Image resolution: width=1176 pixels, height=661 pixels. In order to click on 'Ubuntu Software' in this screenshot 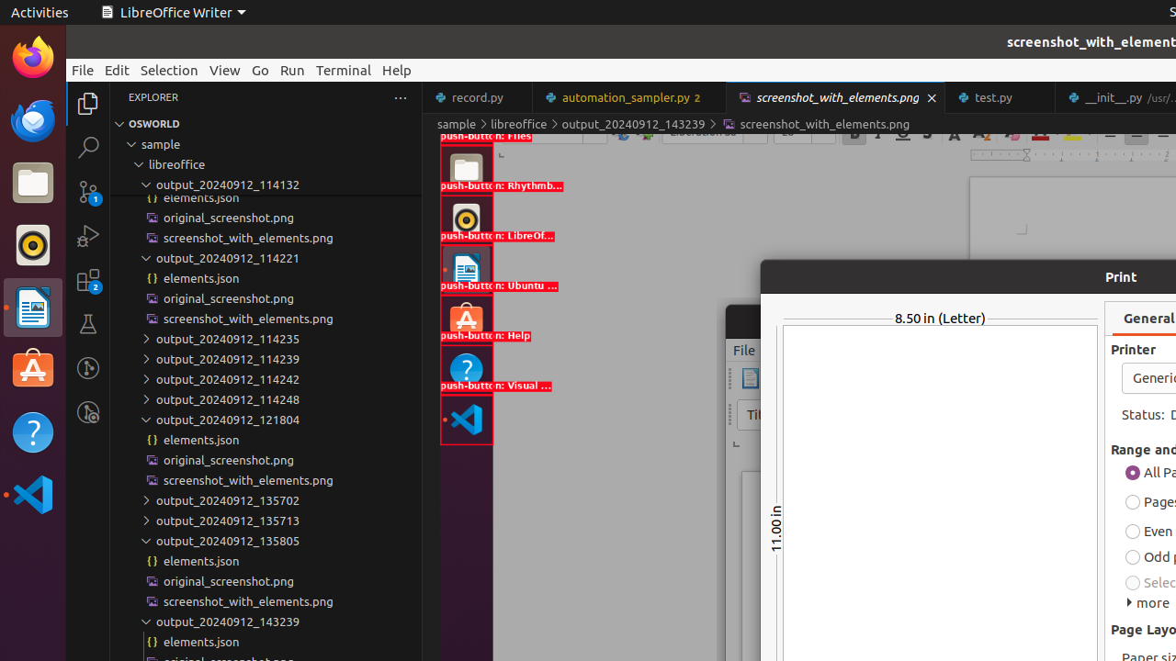, I will do `click(32, 370)`.